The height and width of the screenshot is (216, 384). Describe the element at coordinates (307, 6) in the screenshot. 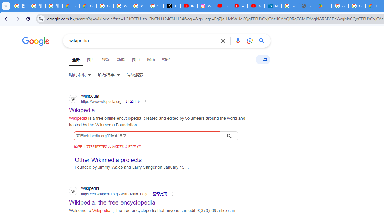

I see `'google_privacy_policy_en.pdf'` at that location.